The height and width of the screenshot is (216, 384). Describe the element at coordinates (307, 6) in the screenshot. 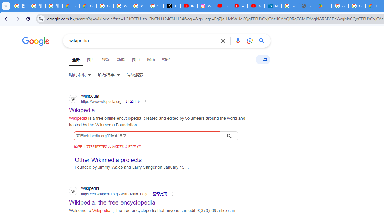

I see `'google_privacy_policy_en.pdf'` at that location.